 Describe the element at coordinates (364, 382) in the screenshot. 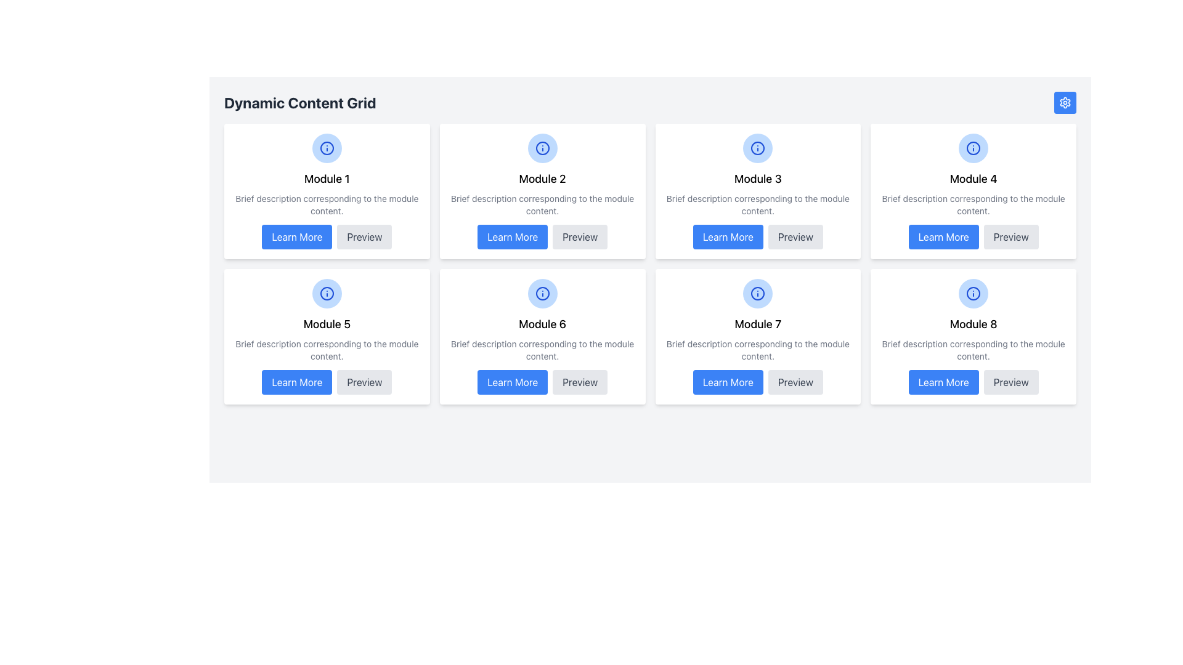

I see `the 'Preview' button located in the fifth module card under the 'Dynamic Content Grid' section` at that location.